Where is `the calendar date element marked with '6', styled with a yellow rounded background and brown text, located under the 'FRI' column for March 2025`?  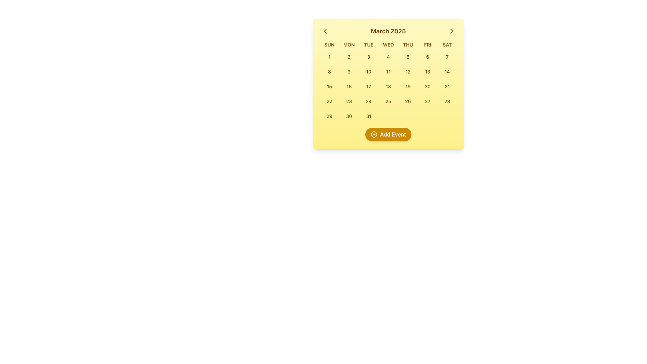
the calendar date element marked with '6', styled with a yellow rounded background and brown text, located under the 'FRI' column for March 2025 is located at coordinates (427, 57).